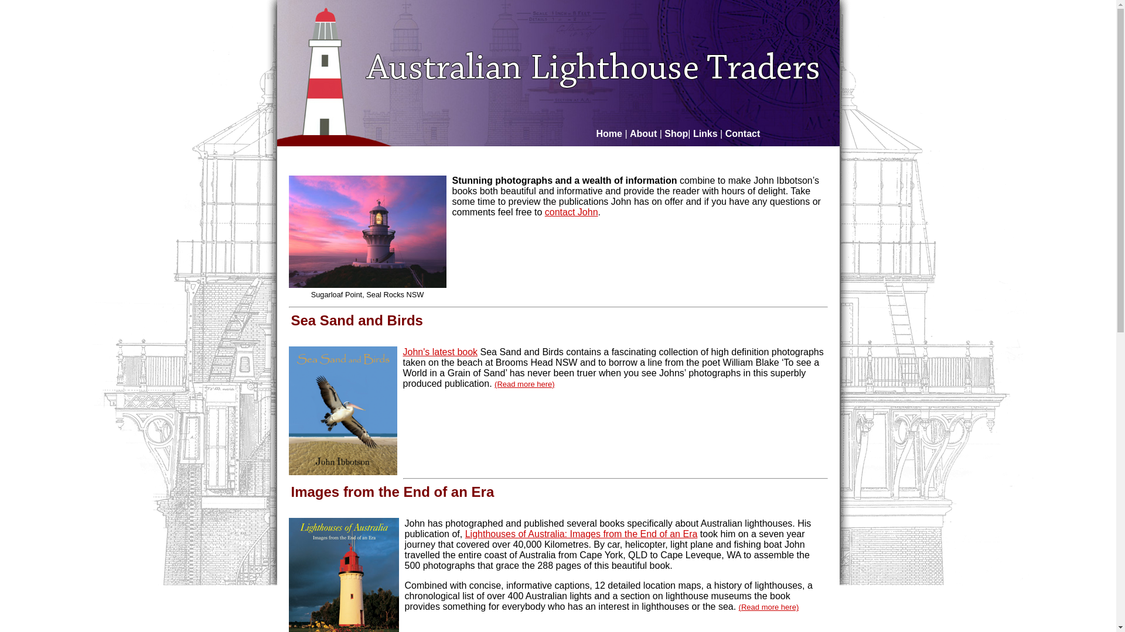  Describe the element at coordinates (495, 384) in the screenshot. I see `'(Read more here)'` at that location.